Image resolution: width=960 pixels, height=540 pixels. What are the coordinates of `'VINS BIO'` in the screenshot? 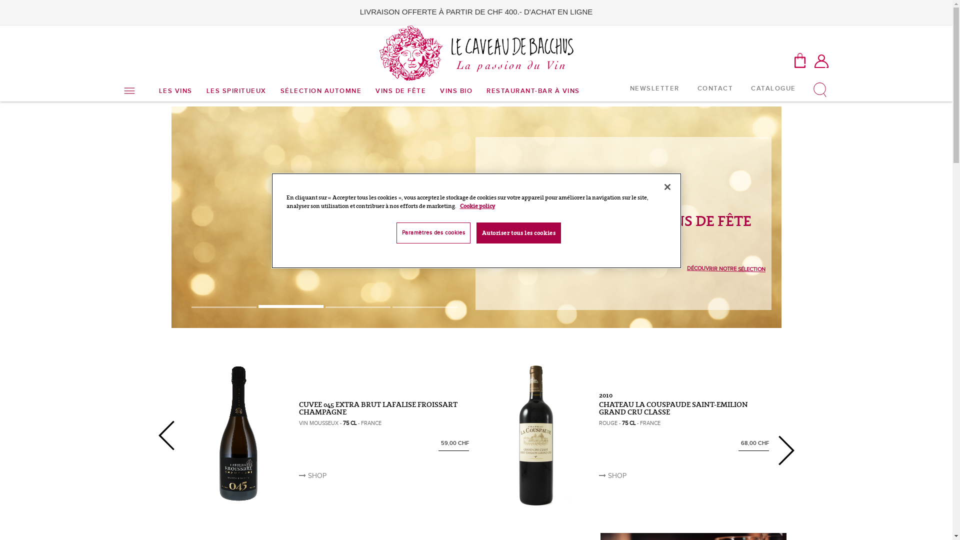 It's located at (455, 90).